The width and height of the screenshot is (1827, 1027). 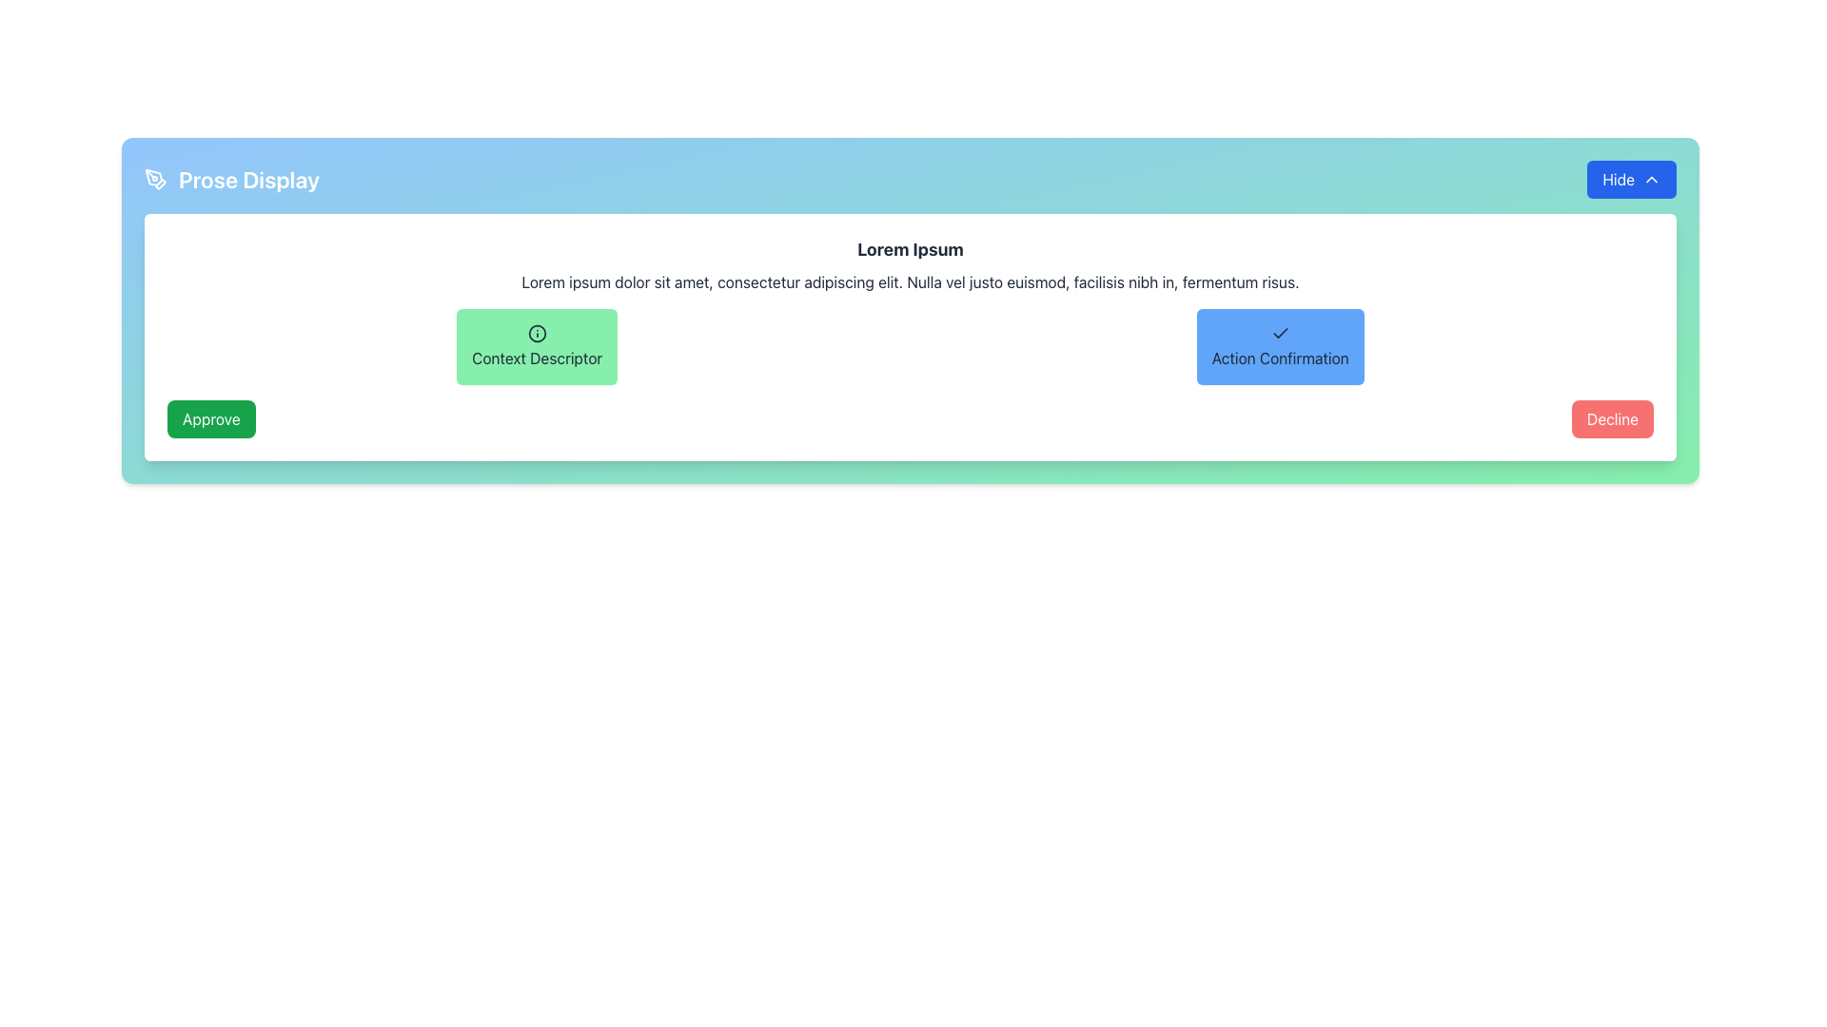 What do you see at coordinates (536, 333) in the screenshot?
I see `the information indicator icon located in the 'Context Descriptor' section, which provides additional context or details when interacted with` at bounding box center [536, 333].